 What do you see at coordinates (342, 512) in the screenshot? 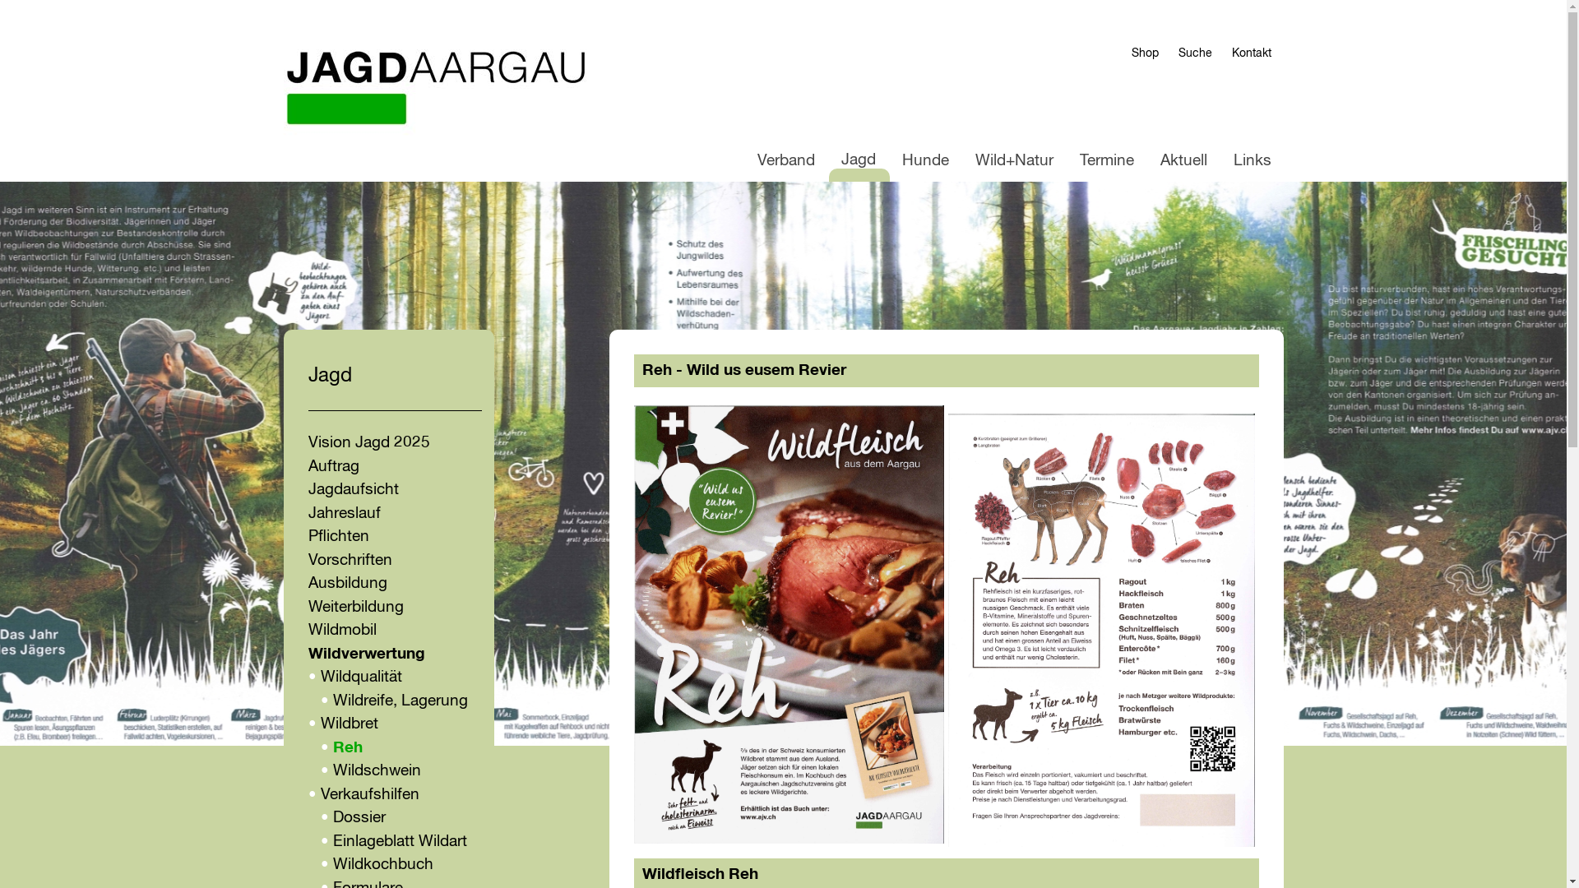
I see `'Jahreslauf'` at bounding box center [342, 512].